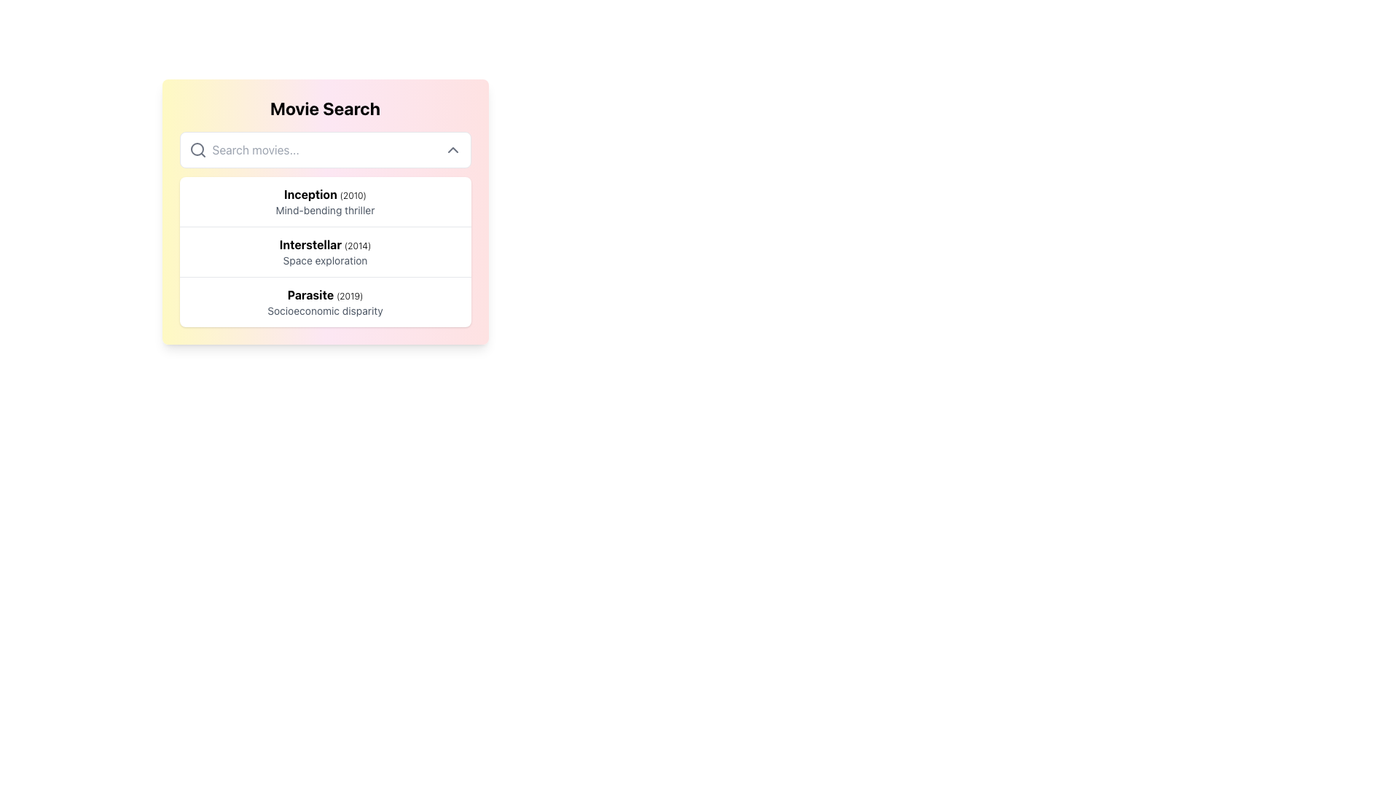 The image size is (1399, 787). I want to click on the static text label displaying the year of the movie release '2010' associated with 'Inception' in the search results, so click(353, 195).